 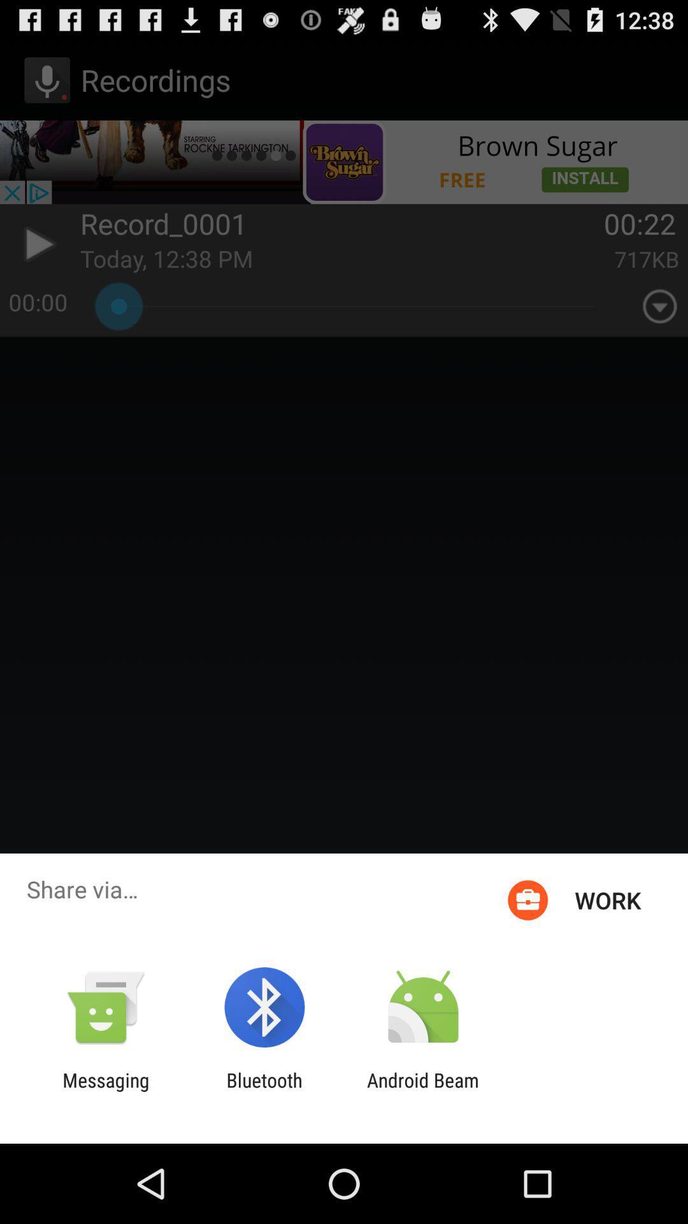 I want to click on the icon to the left of the android beam, so click(x=264, y=1091).